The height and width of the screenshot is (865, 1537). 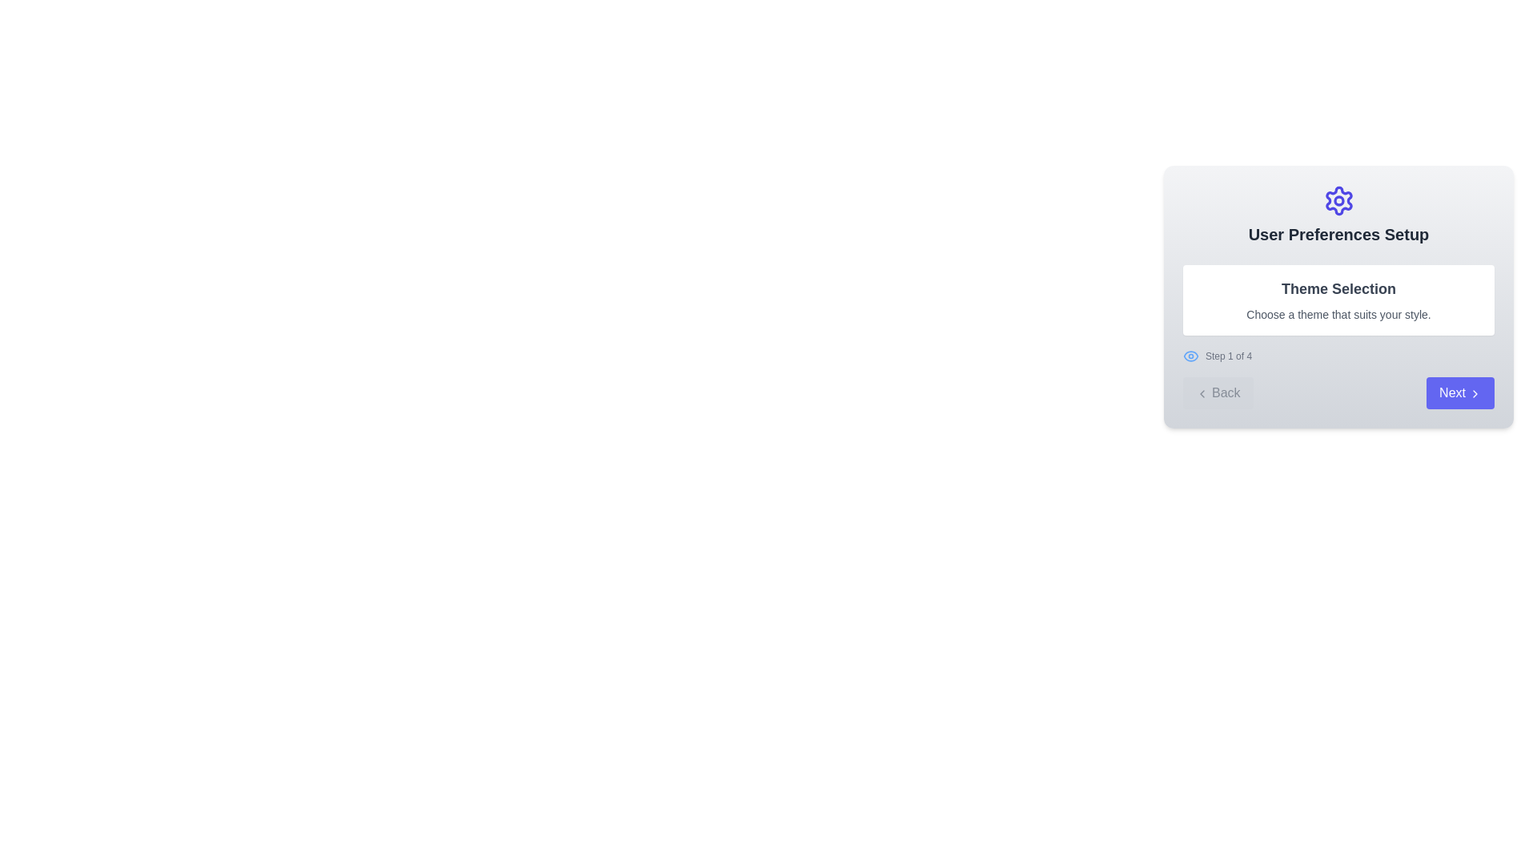 I want to click on the narrow right-pointing arrow icon located within the blue rectangular 'Next' button, positioned to the right of the text 'Next', so click(x=1475, y=392).